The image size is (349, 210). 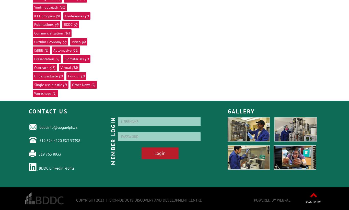 What do you see at coordinates (75, 67) in the screenshot?
I see `'(38)'` at bounding box center [75, 67].